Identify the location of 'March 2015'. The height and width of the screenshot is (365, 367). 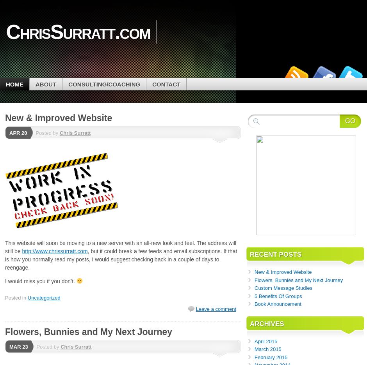
(267, 349).